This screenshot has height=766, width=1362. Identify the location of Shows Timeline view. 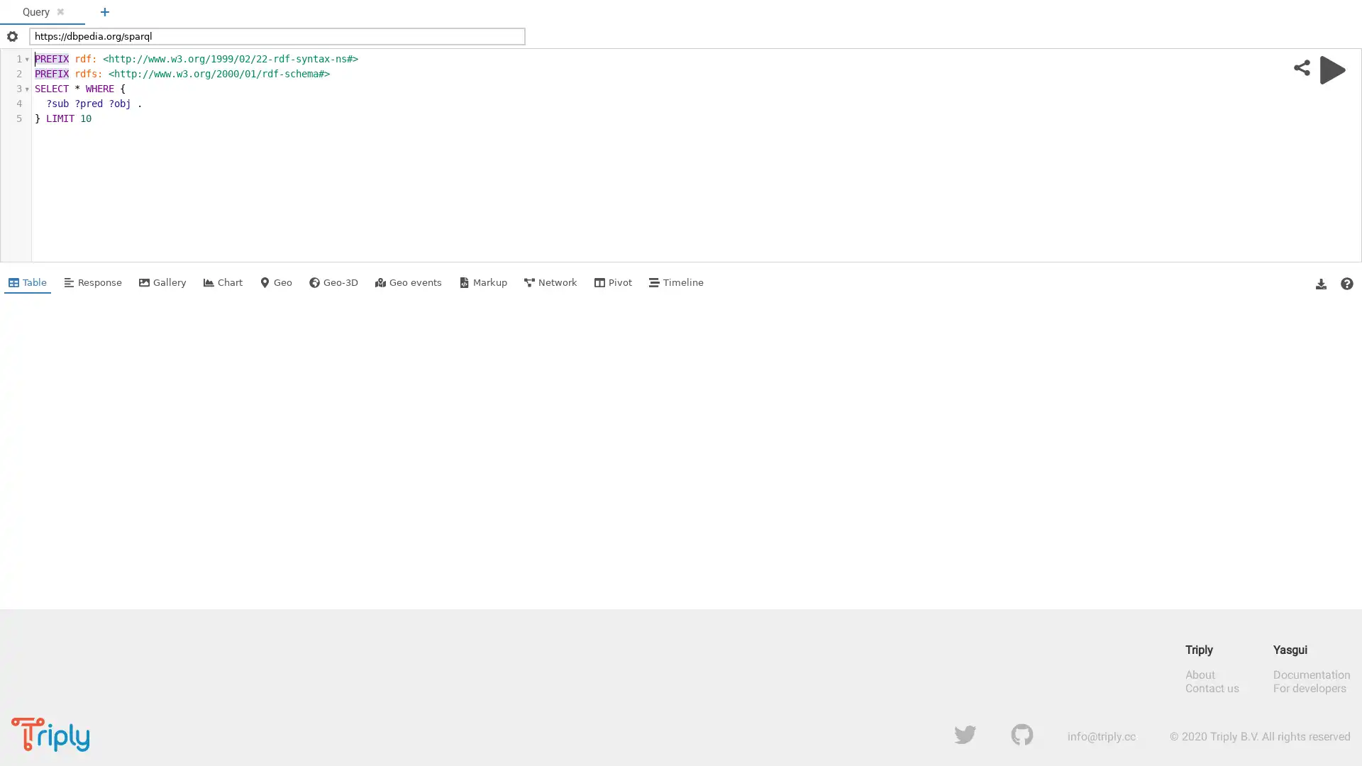
(675, 283).